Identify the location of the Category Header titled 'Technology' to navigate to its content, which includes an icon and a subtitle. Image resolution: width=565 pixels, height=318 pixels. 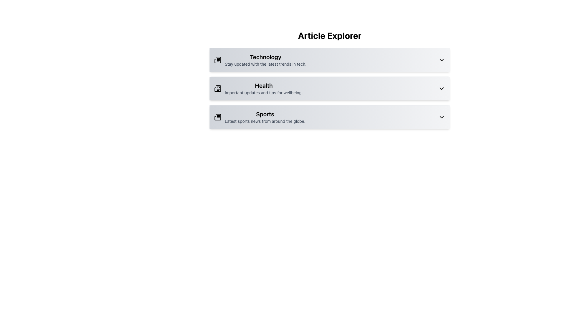
(260, 60).